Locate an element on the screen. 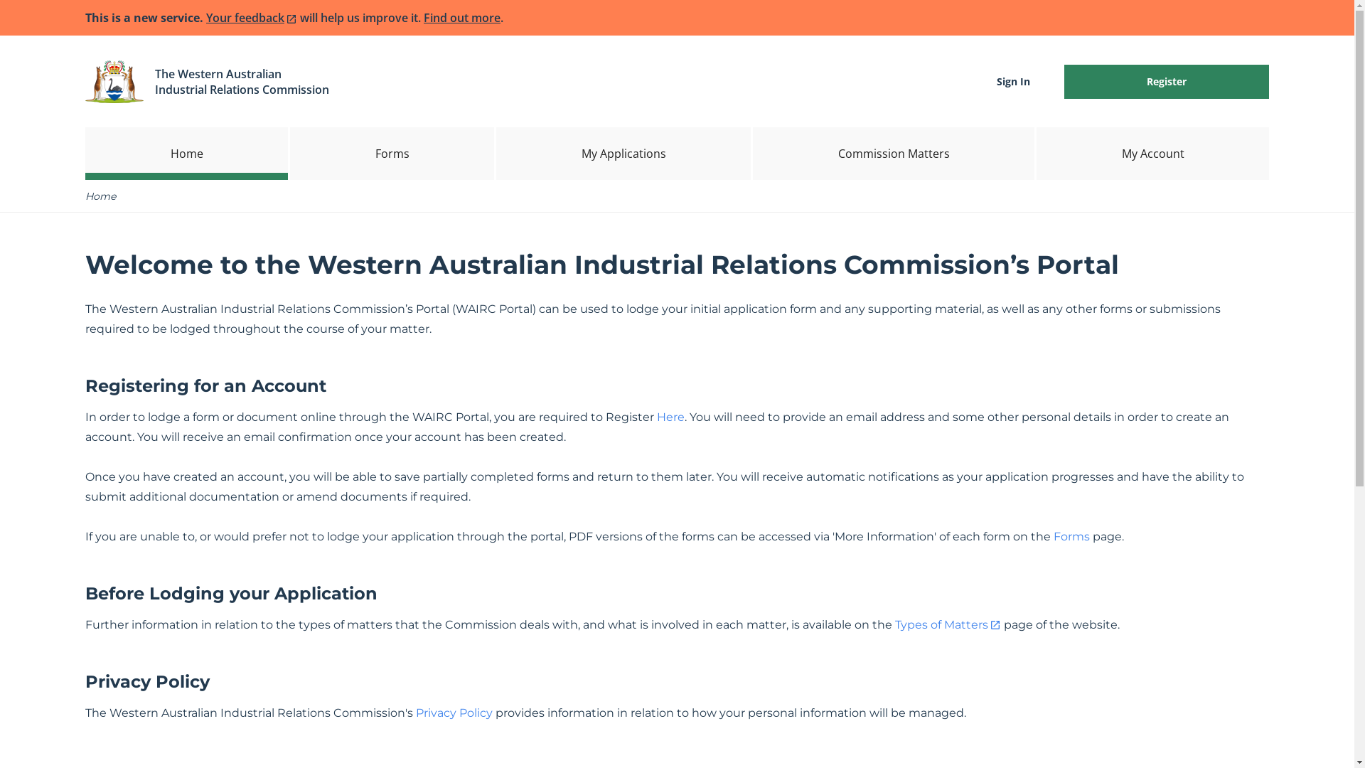 The image size is (1365, 768). 'Here' is located at coordinates (670, 416).